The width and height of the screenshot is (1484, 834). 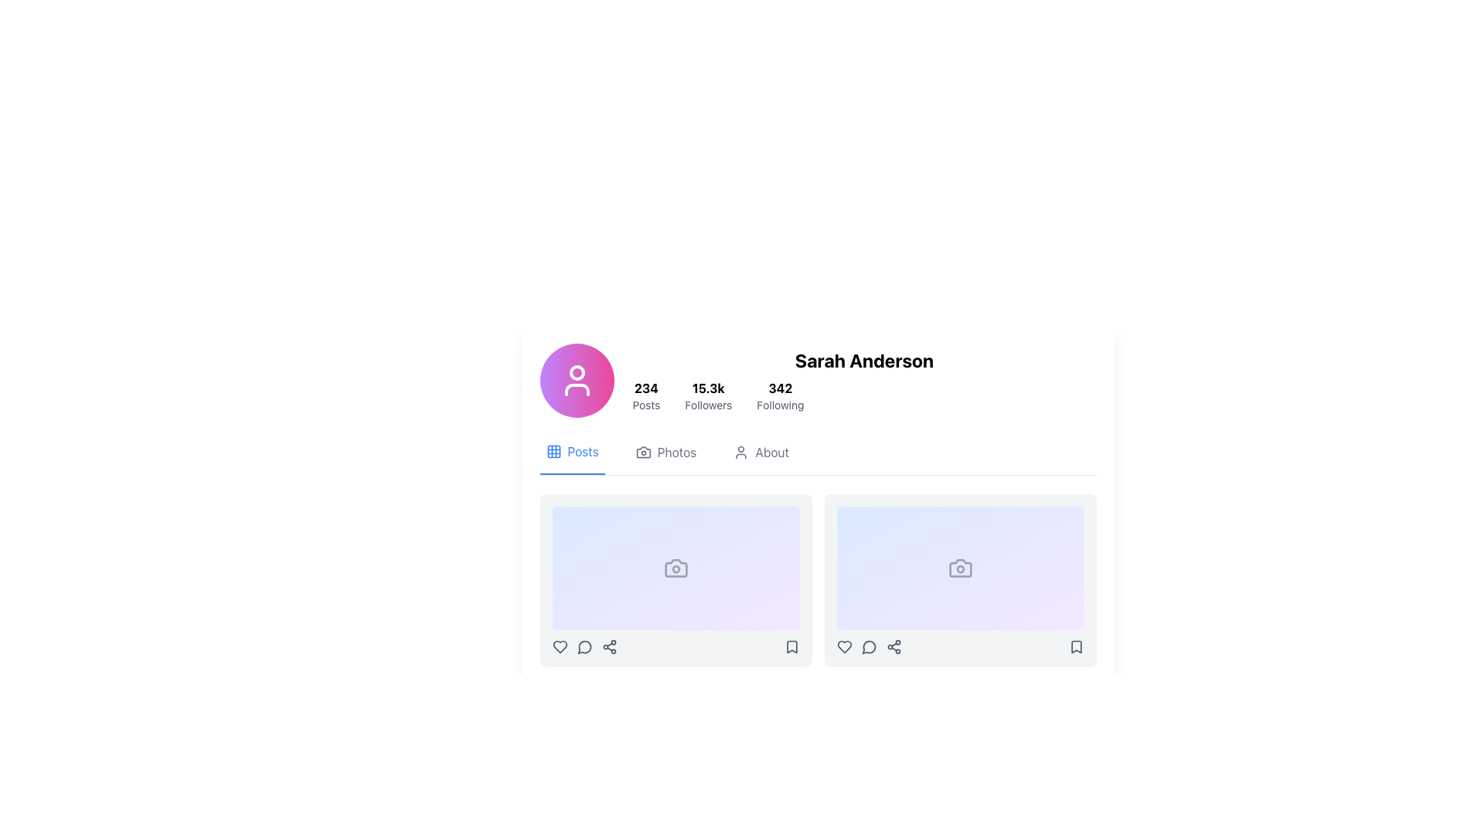 I want to click on the comment button located in the middle of the row of interactive icons beneath the leftmost post image, so click(x=584, y=646).